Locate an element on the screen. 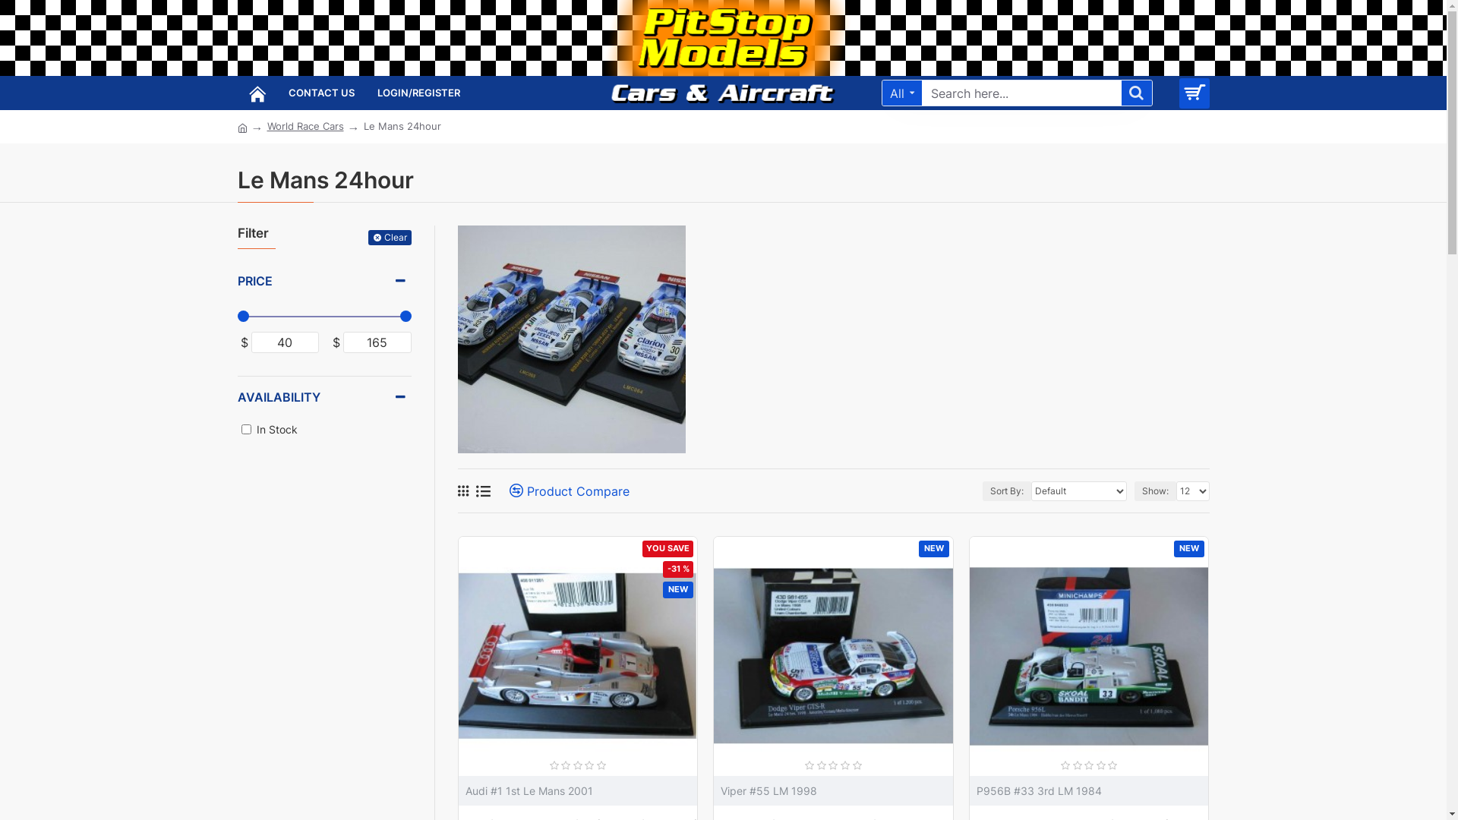 This screenshot has width=1458, height=820. 'LOGIN/REGISTER' is located at coordinates (418, 93).